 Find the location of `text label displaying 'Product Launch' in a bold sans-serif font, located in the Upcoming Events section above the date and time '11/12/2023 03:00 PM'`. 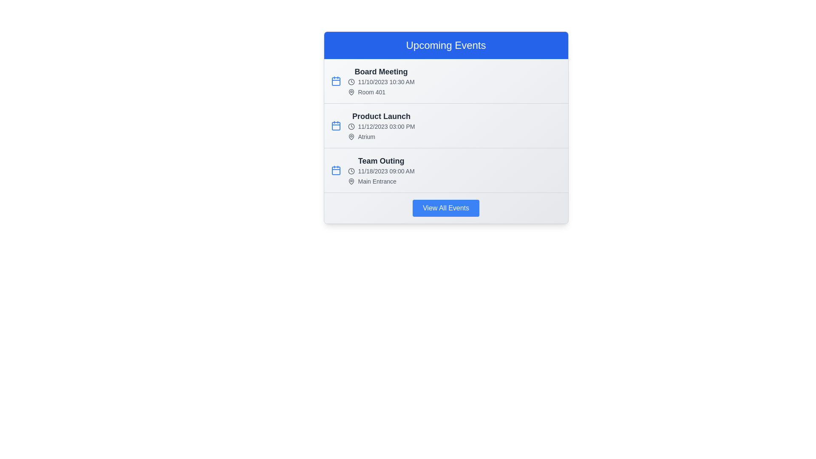

text label displaying 'Product Launch' in a bold sans-serif font, located in the Upcoming Events section above the date and time '11/12/2023 03:00 PM' is located at coordinates (381, 116).